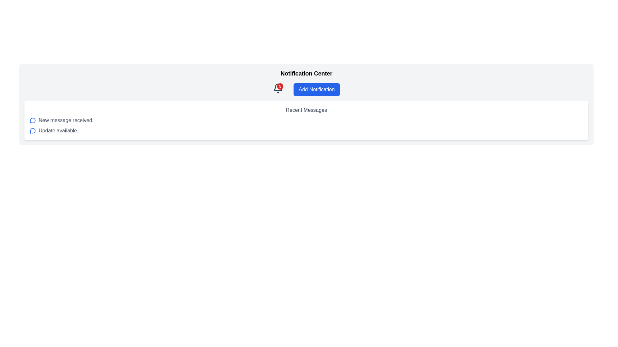 This screenshot has height=347, width=618. Describe the element at coordinates (316, 89) in the screenshot. I see `the button with rounded edges and blue background labeled 'Add Notification'` at that location.